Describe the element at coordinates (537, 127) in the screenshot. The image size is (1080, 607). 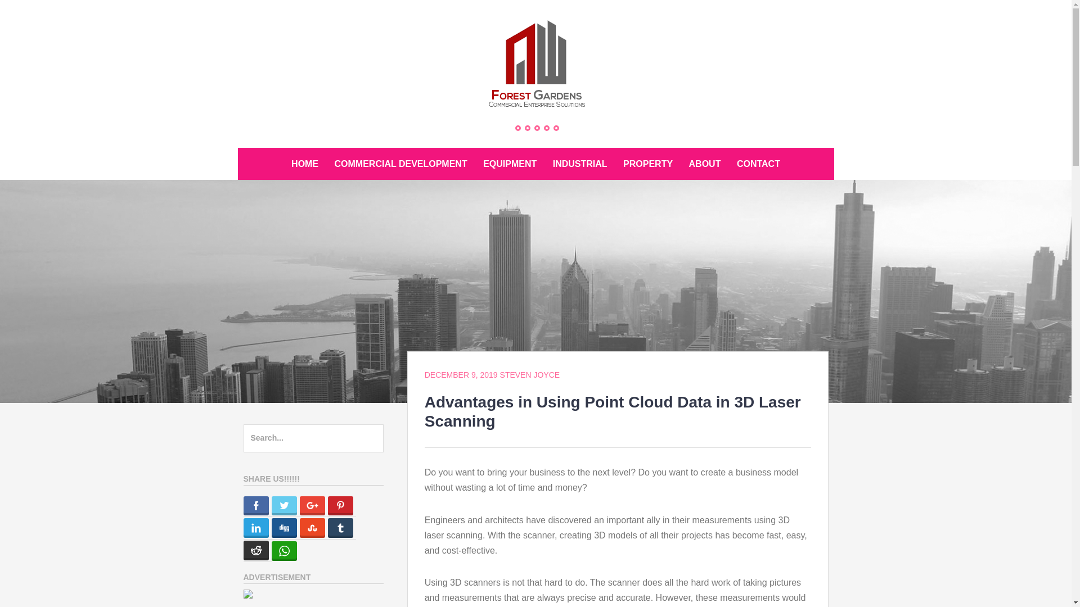
I see `'Contact Us'` at that location.